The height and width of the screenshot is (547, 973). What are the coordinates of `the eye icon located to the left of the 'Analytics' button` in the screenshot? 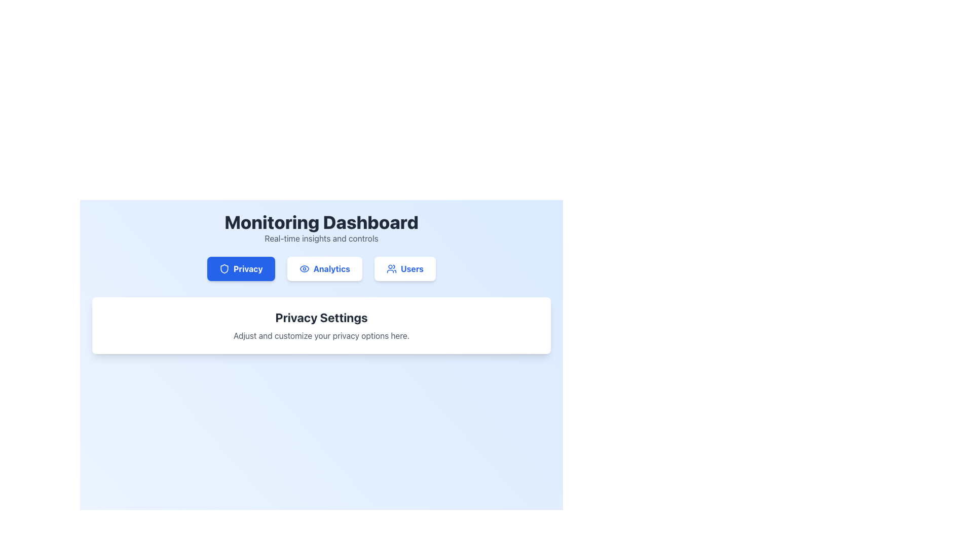 It's located at (304, 268).